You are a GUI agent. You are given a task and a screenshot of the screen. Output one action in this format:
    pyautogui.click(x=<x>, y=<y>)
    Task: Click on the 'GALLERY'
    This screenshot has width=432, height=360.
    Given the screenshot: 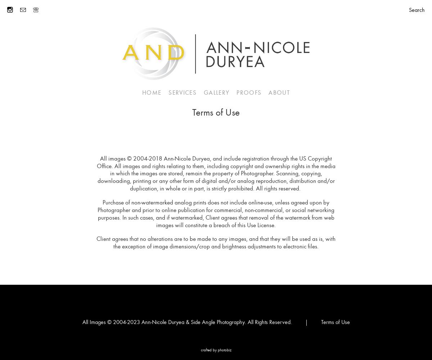 What is the action you would take?
    pyautogui.click(x=216, y=93)
    